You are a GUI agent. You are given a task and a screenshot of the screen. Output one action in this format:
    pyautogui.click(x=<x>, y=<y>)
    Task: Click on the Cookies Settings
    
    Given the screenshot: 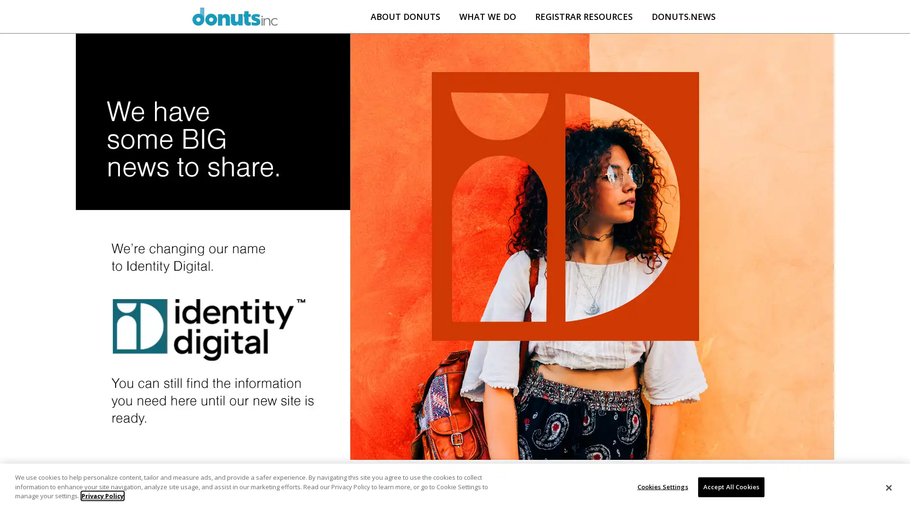 What is the action you would take?
    pyautogui.click(x=659, y=486)
    